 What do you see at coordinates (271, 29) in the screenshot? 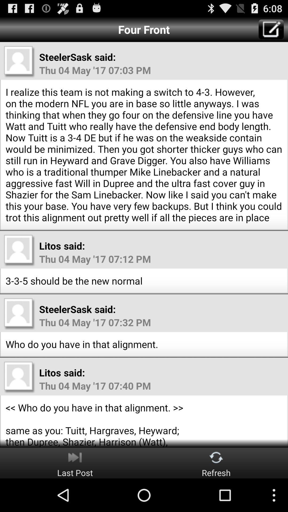
I see `the item above said: item` at bounding box center [271, 29].